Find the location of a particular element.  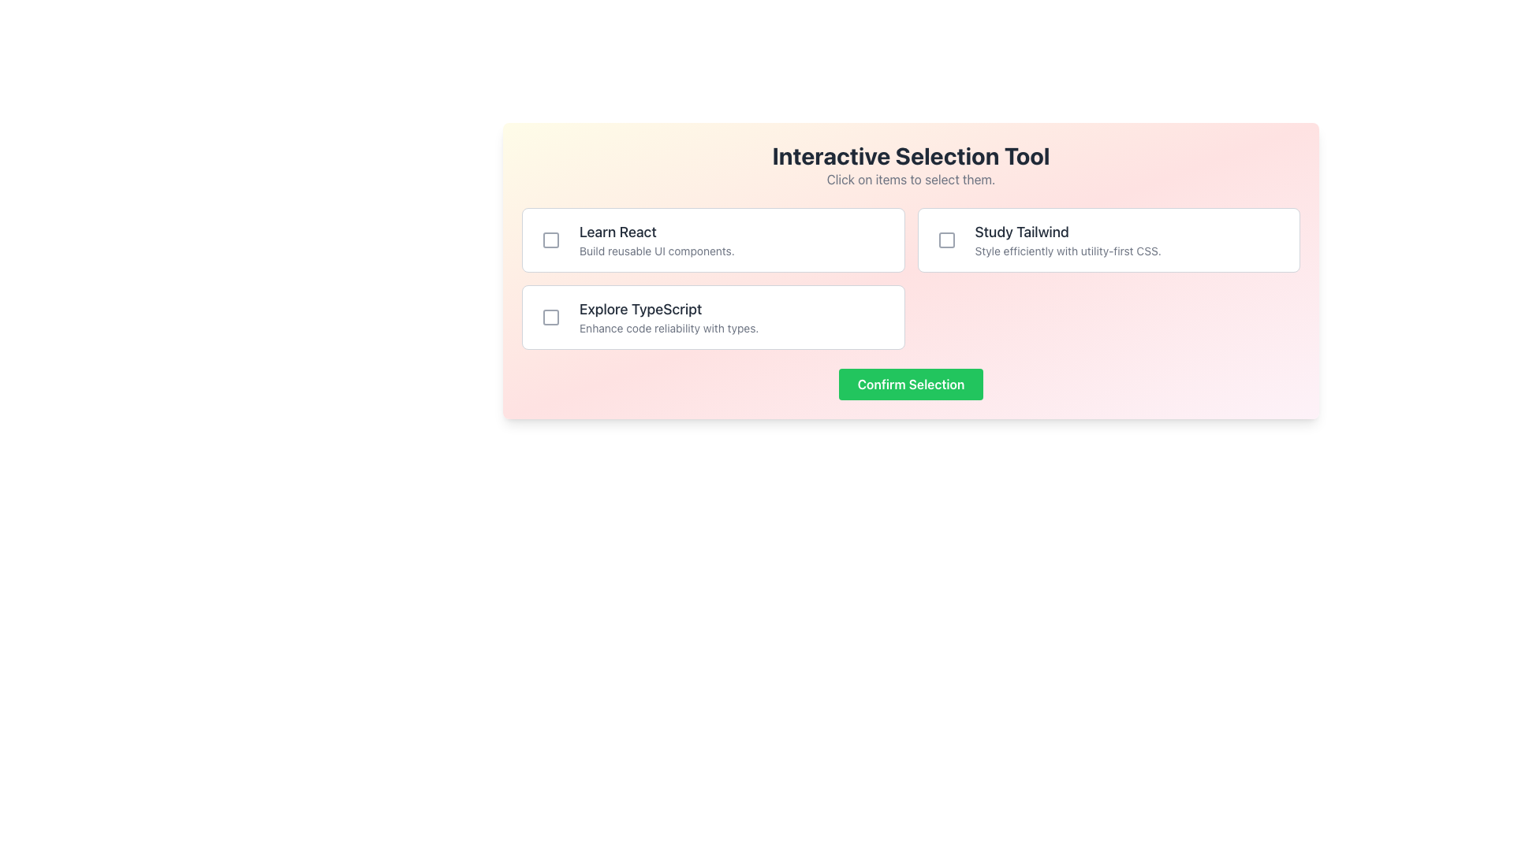

the checkbox located at the top-left corner of the 'Study Tailwind' item in the list is located at coordinates (946, 240).